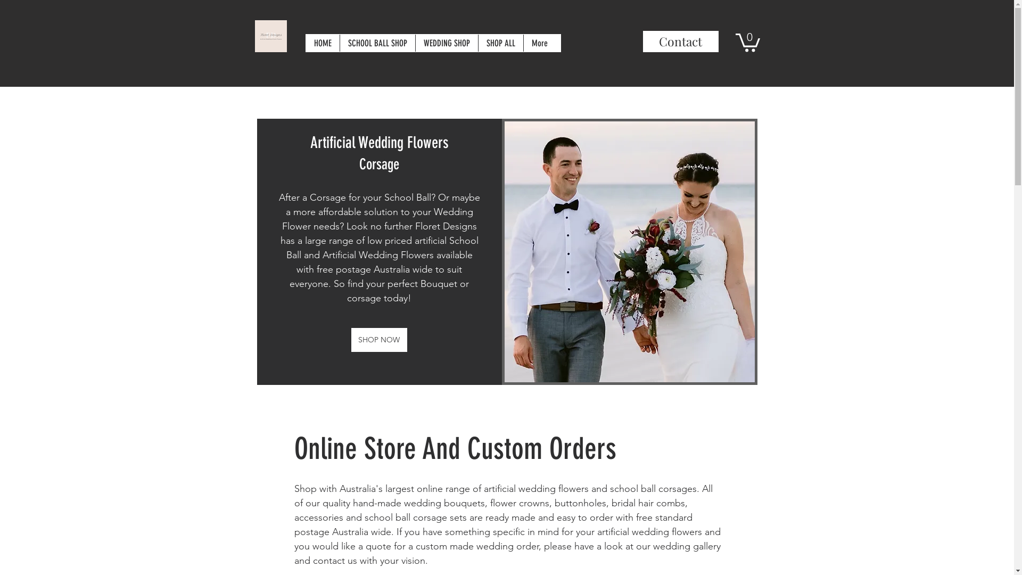  I want to click on 'HOME', so click(322, 43).